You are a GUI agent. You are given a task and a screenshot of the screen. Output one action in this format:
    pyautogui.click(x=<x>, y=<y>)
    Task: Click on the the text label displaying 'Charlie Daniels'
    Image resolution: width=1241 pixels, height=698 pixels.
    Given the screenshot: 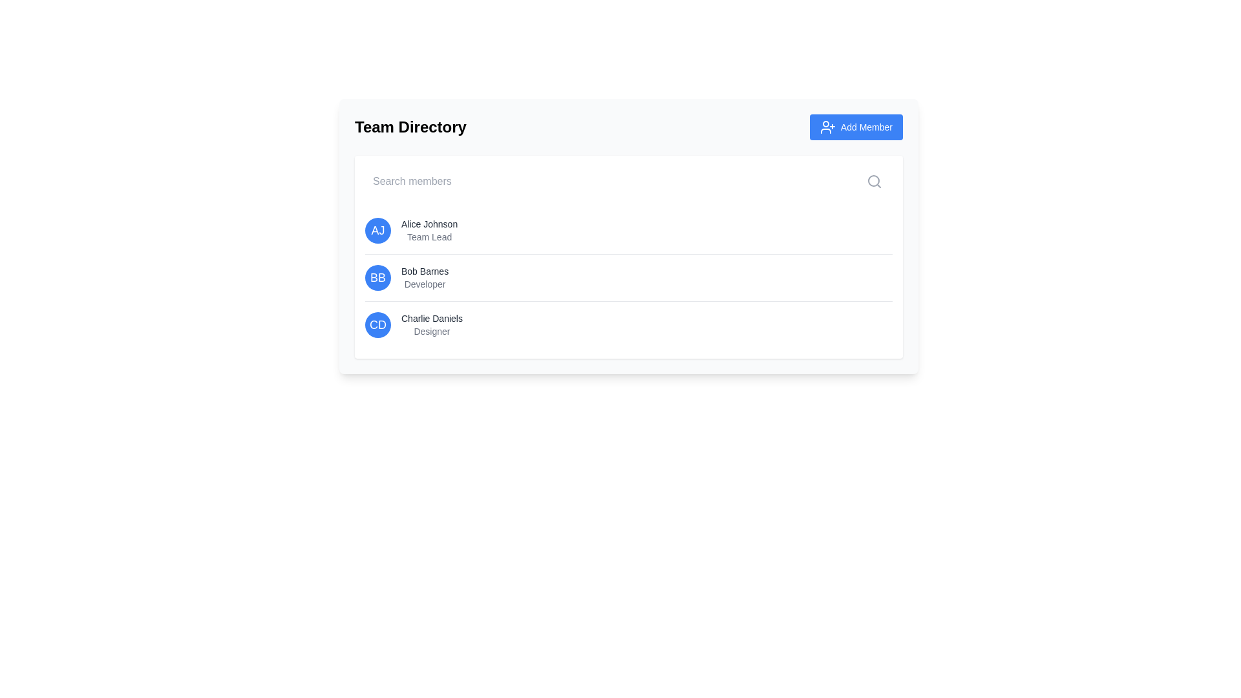 What is the action you would take?
    pyautogui.click(x=432, y=324)
    